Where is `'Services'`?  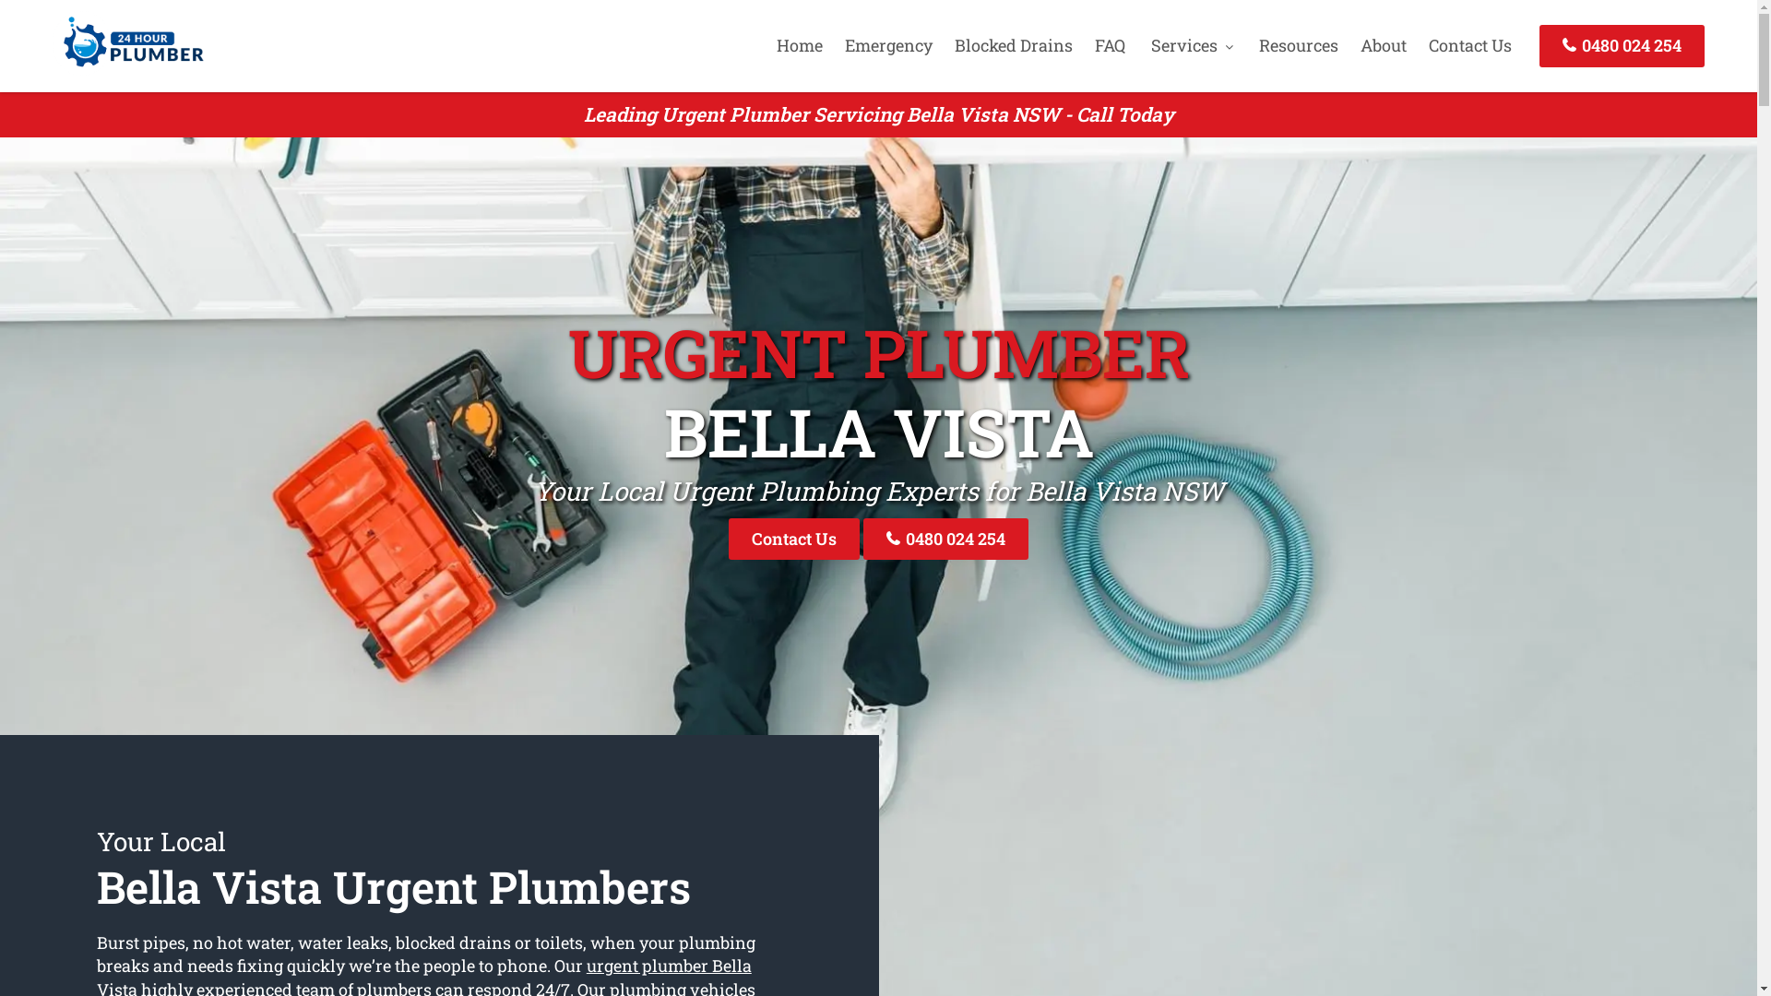
'Services' is located at coordinates (1192, 44).